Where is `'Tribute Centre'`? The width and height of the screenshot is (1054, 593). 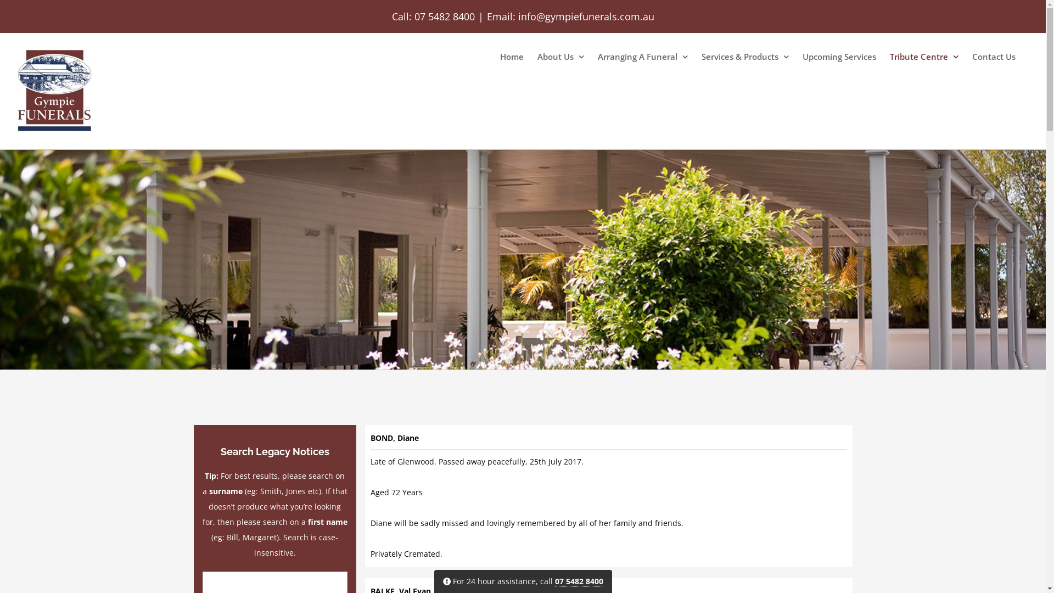
'Tribute Centre' is located at coordinates (923, 57).